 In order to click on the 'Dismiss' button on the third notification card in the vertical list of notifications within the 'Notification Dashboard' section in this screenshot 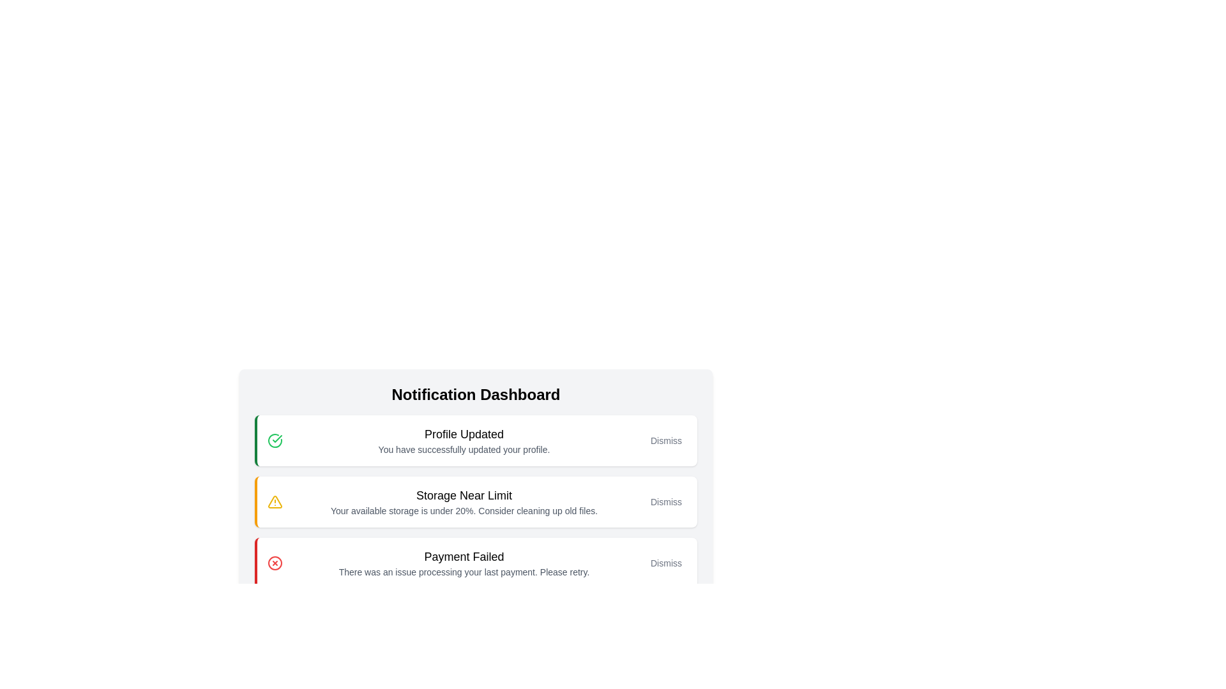, I will do `click(475, 532)`.